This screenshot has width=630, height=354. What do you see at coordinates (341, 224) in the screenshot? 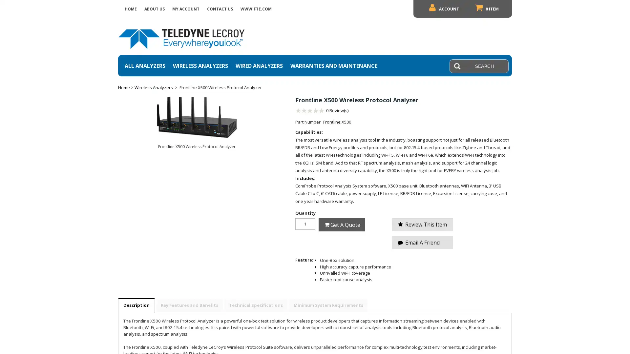
I see `Get A Quote` at bounding box center [341, 224].